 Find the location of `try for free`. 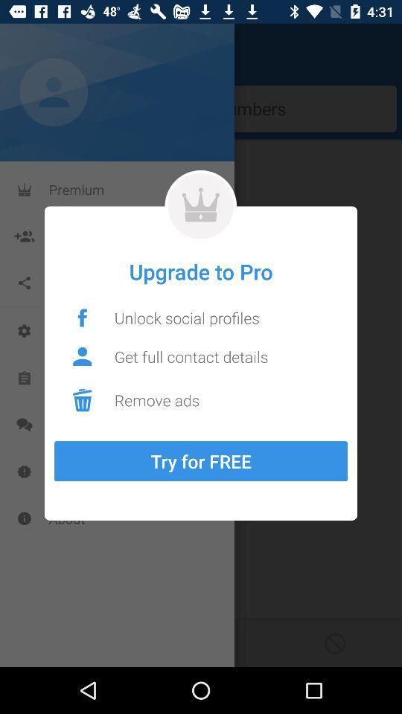

try for free is located at coordinates (201, 460).